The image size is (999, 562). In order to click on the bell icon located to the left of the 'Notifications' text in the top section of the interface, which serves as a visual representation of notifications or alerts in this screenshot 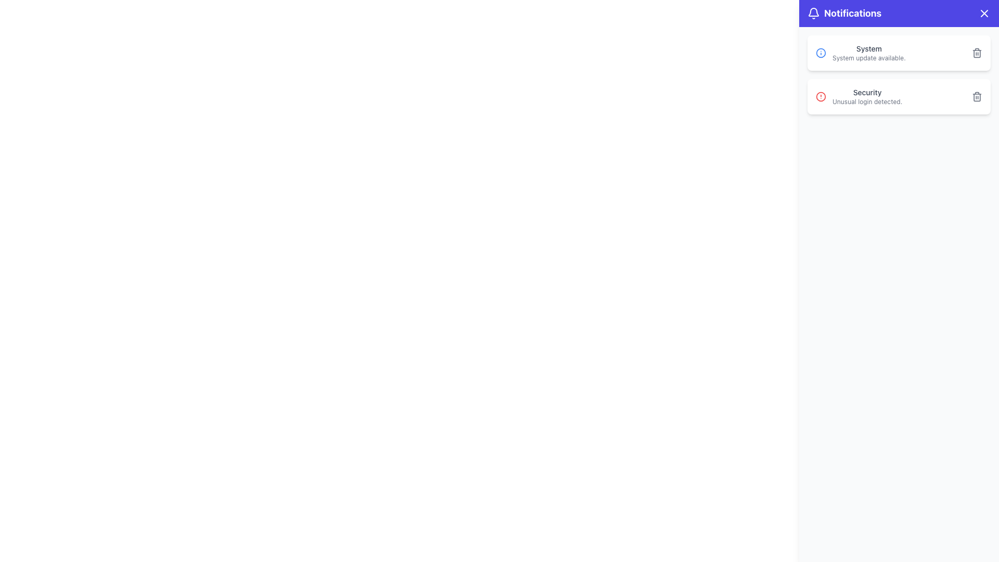, I will do `click(813, 14)`.